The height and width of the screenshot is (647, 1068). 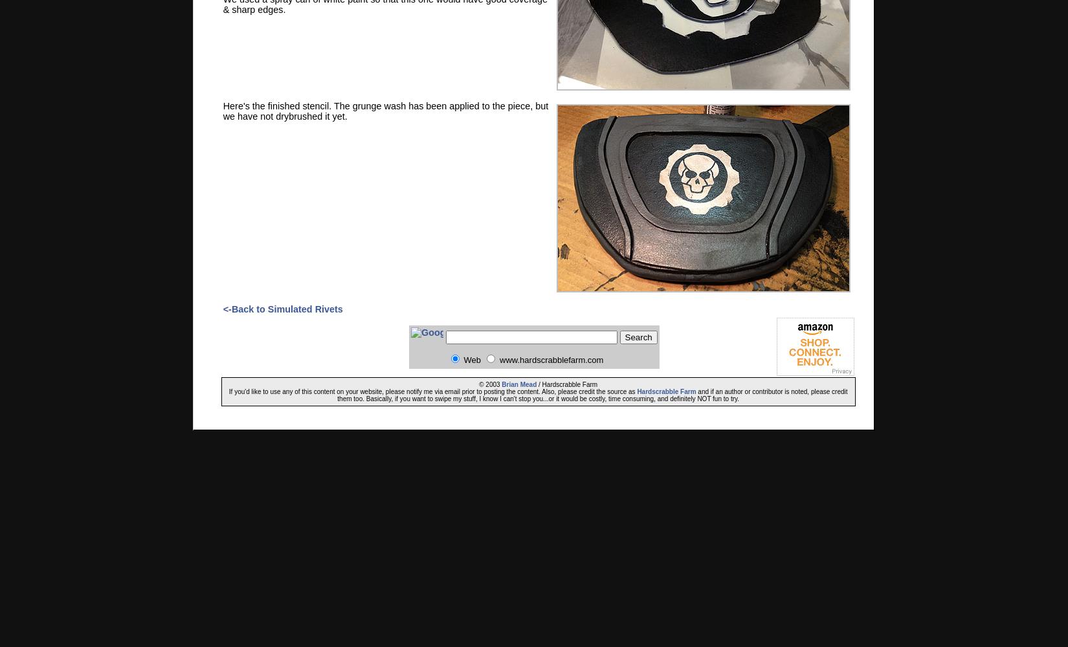 What do you see at coordinates (566, 384) in the screenshot?
I see `'/ Hardscrabble Farm'` at bounding box center [566, 384].